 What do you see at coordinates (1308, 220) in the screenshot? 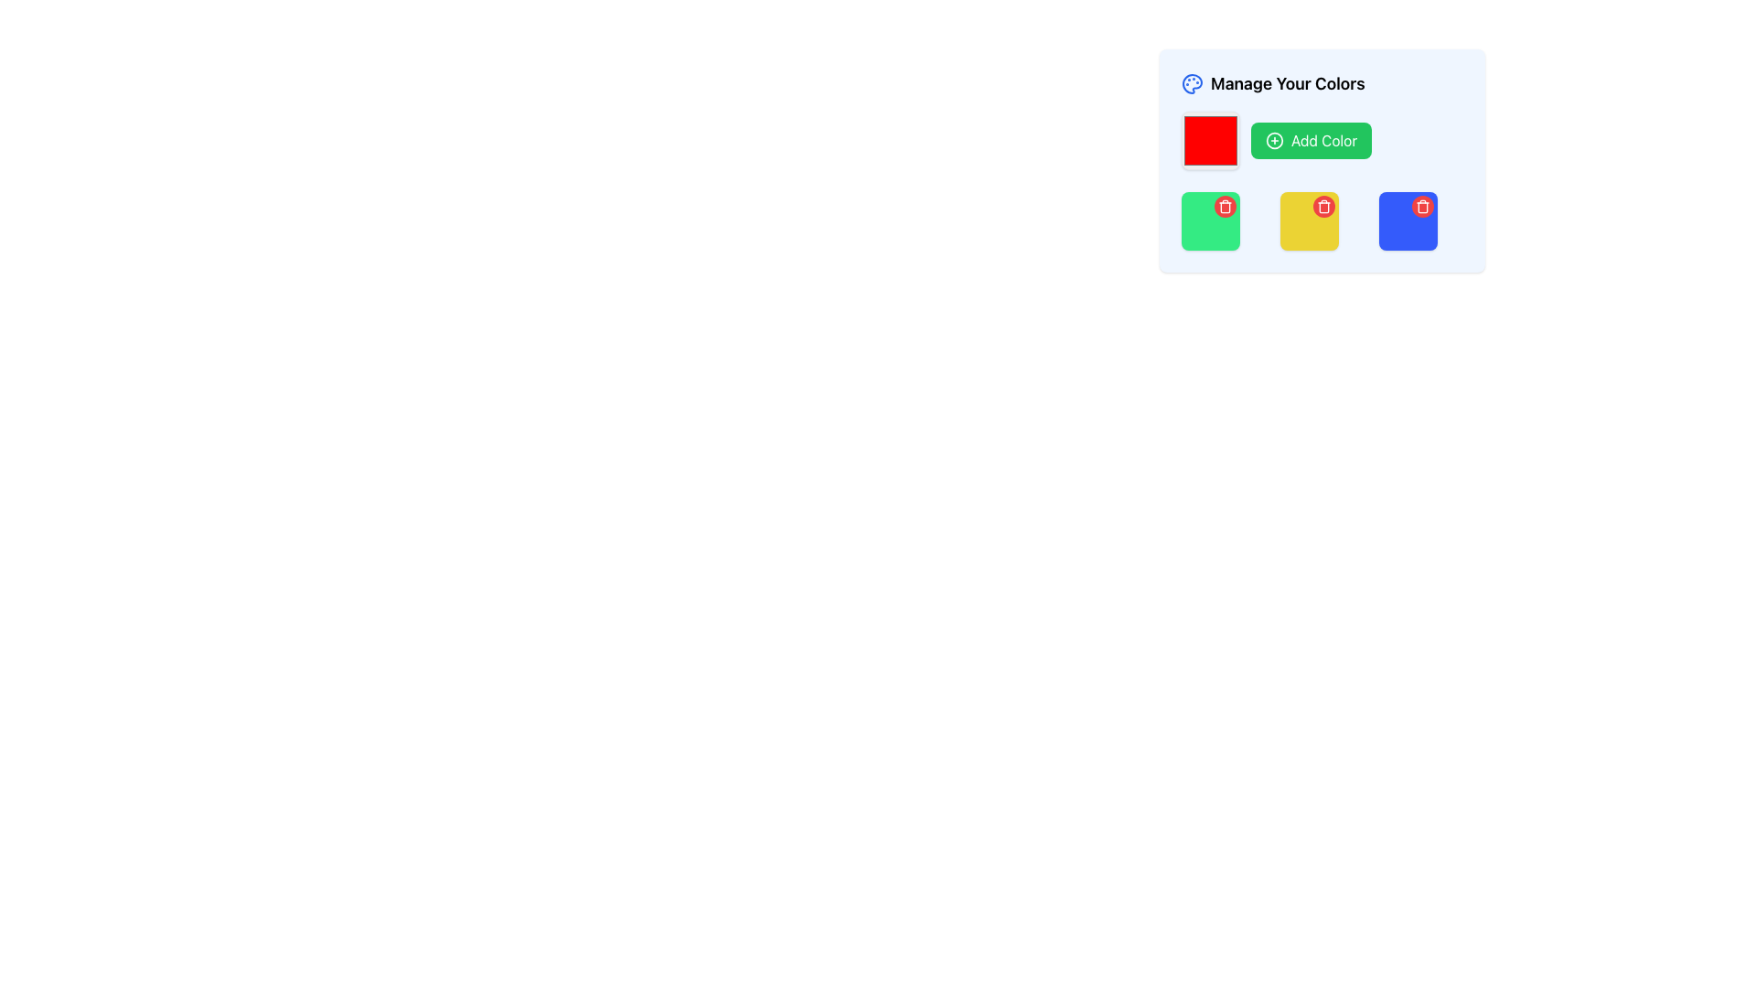
I see `the bright yellow Color preview component with rounded corners that contains a circular red delete button` at bounding box center [1308, 220].